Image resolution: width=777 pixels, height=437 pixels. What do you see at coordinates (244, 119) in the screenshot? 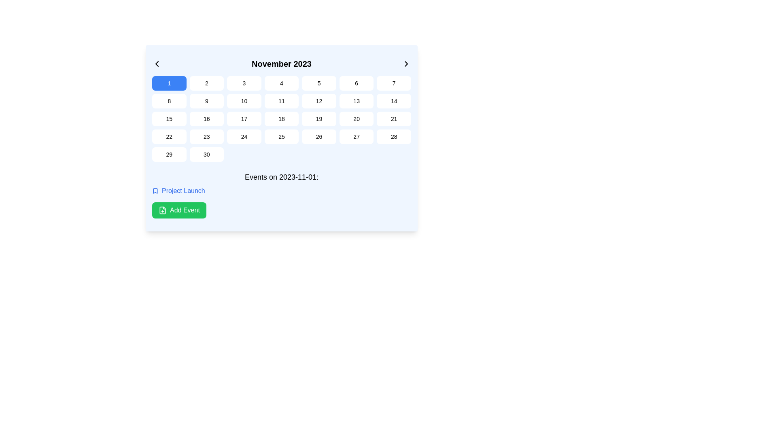
I see `the rectangular button displaying the text '17' in the calendar application` at bounding box center [244, 119].